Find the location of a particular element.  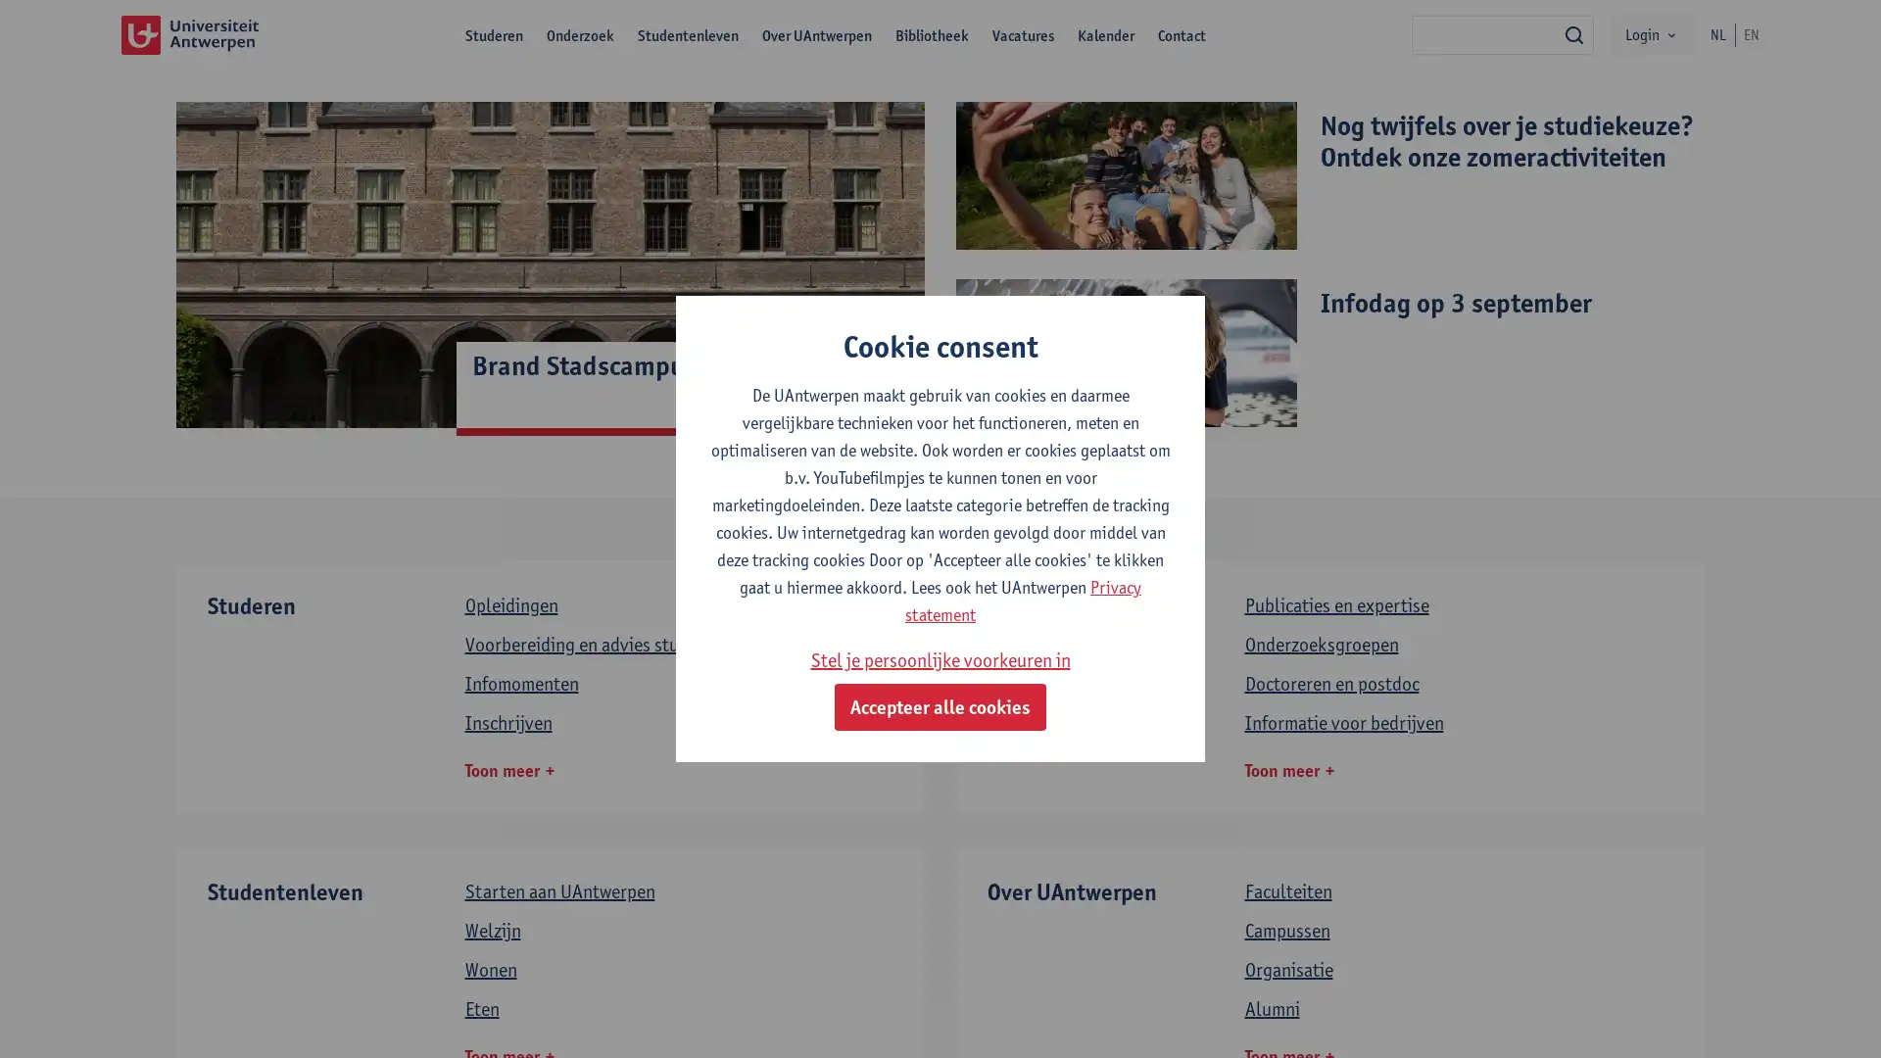

zoek is located at coordinates (1574, 34).